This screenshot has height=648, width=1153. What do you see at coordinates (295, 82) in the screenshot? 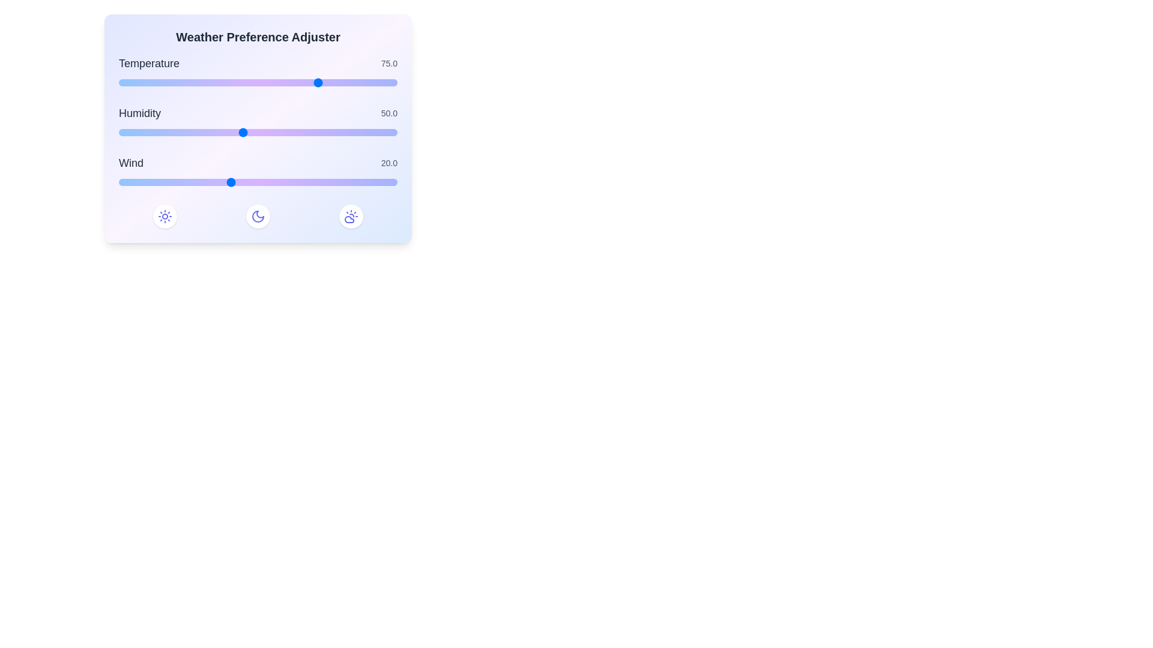
I see `the temperature` at bounding box center [295, 82].